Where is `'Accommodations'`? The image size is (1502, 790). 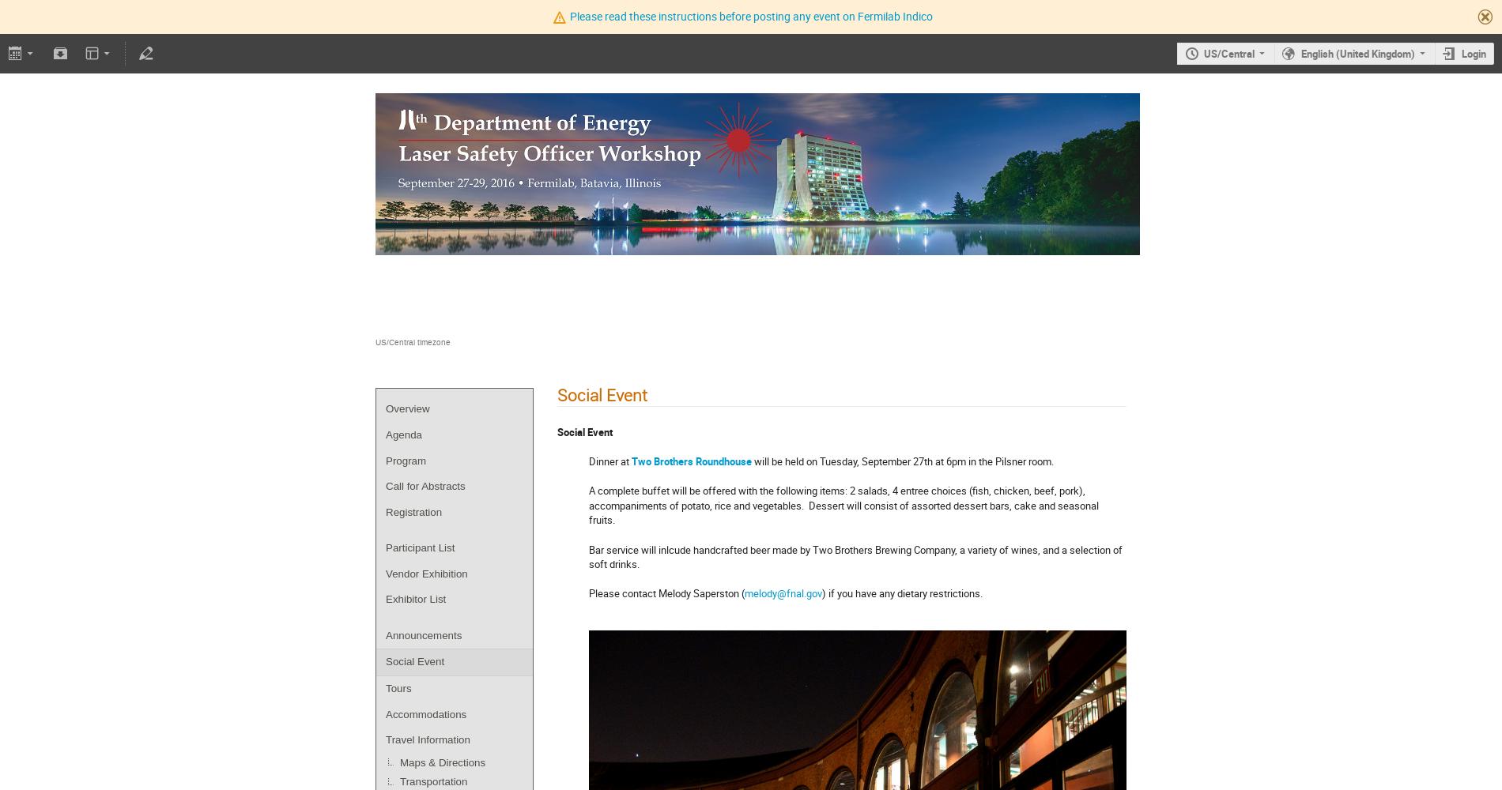
'Accommodations' is located at coordinates (426, 713).